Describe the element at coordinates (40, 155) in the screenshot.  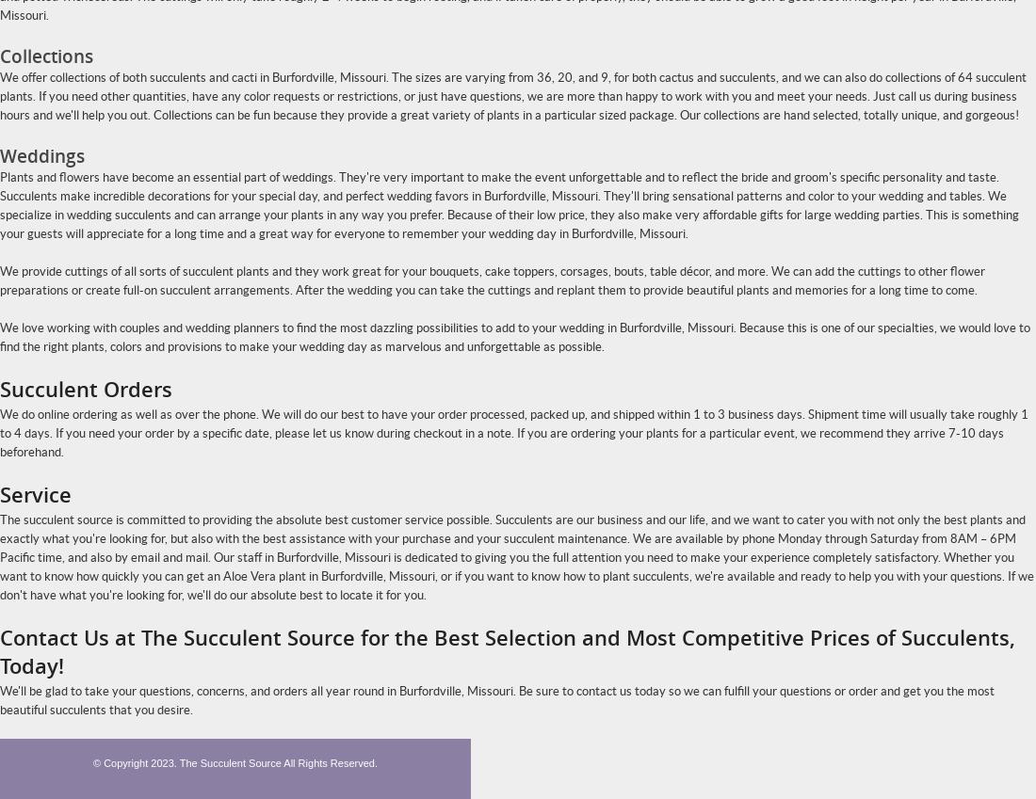
I see `'Weddings'` at that location.